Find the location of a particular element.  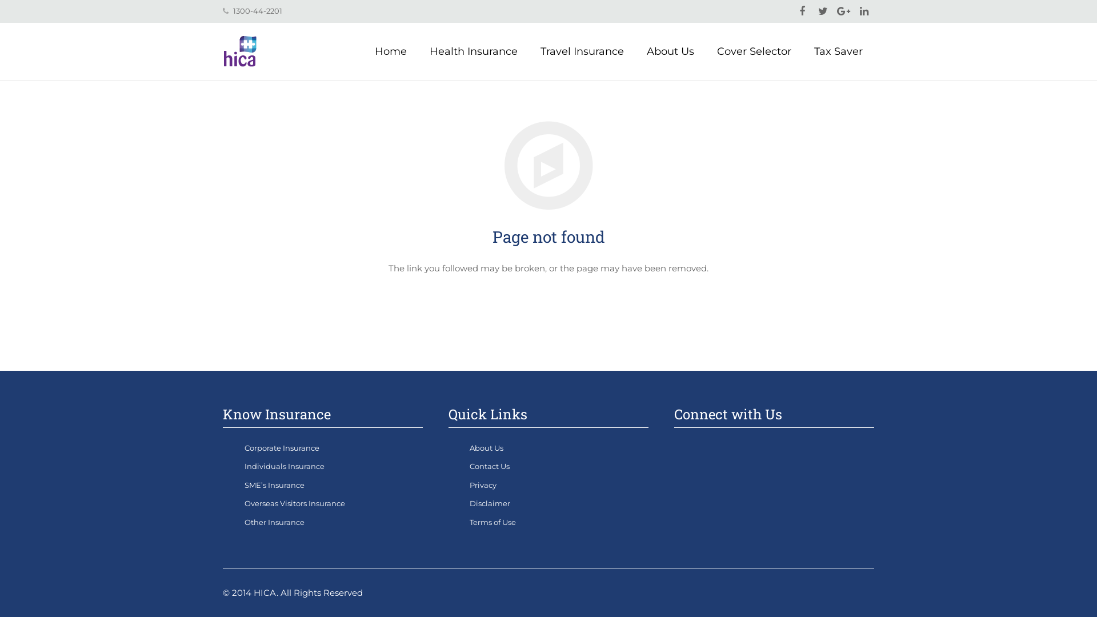

'Contact Us' is located at coordinates (490, 466).